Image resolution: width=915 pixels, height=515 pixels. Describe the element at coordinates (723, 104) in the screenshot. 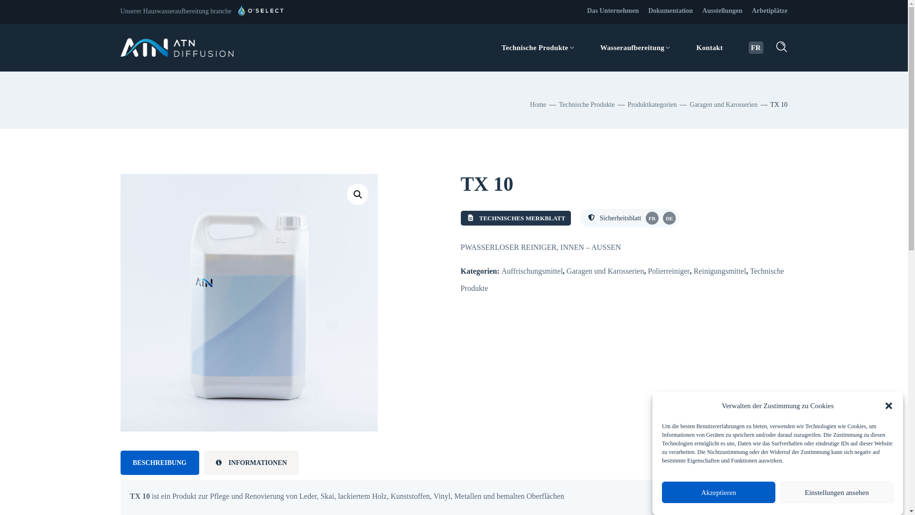

I see `'Garagen und Karosserien'` at that location.